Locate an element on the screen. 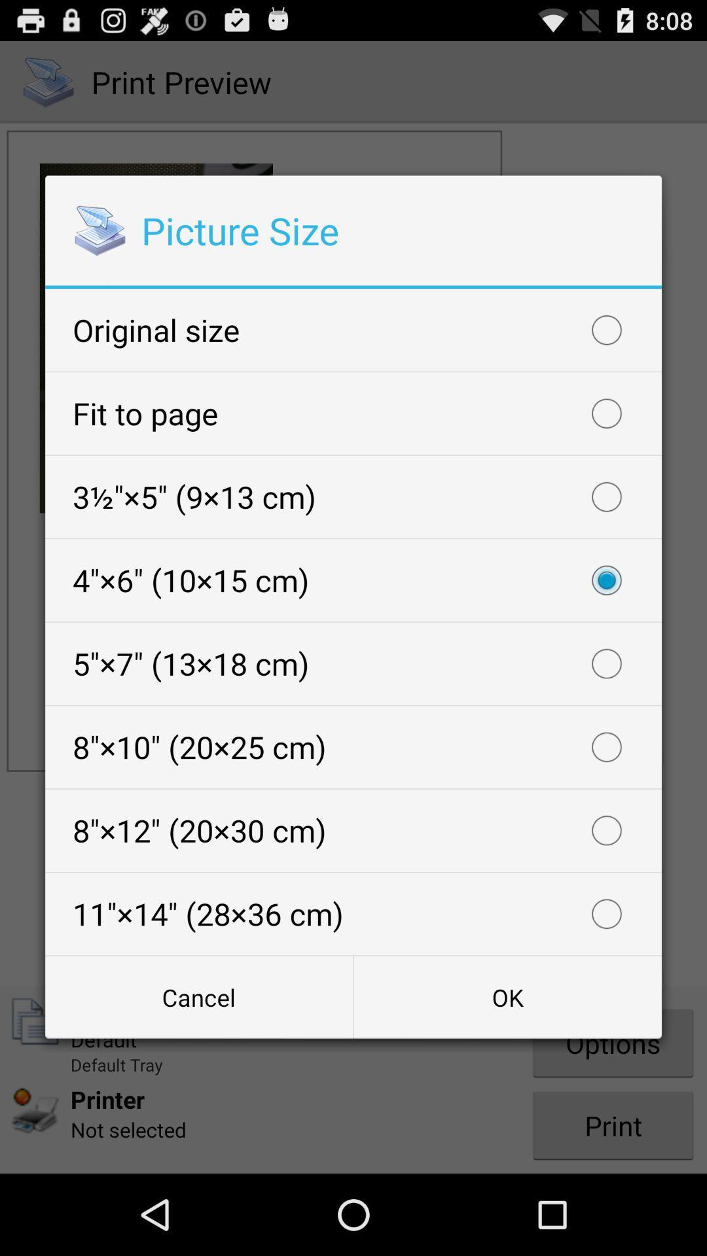  ok button is located at coordinates (507, 996).